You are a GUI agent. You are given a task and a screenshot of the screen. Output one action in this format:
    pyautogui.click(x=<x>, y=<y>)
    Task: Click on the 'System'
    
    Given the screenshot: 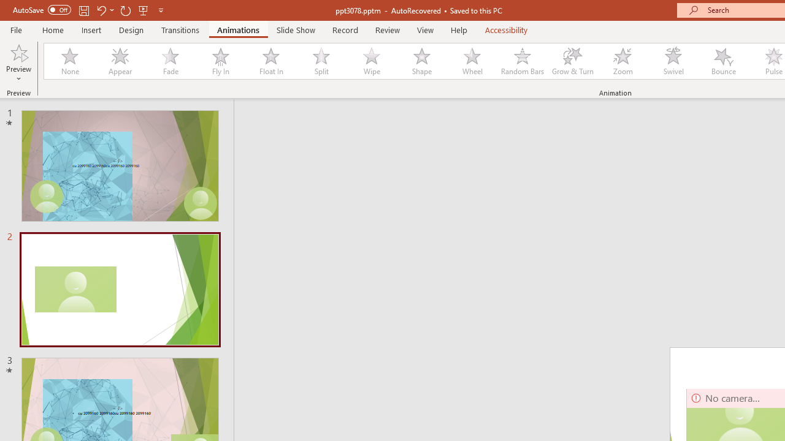 What is the action you would take?
    pyautogui.click(x=6, y=7)
    